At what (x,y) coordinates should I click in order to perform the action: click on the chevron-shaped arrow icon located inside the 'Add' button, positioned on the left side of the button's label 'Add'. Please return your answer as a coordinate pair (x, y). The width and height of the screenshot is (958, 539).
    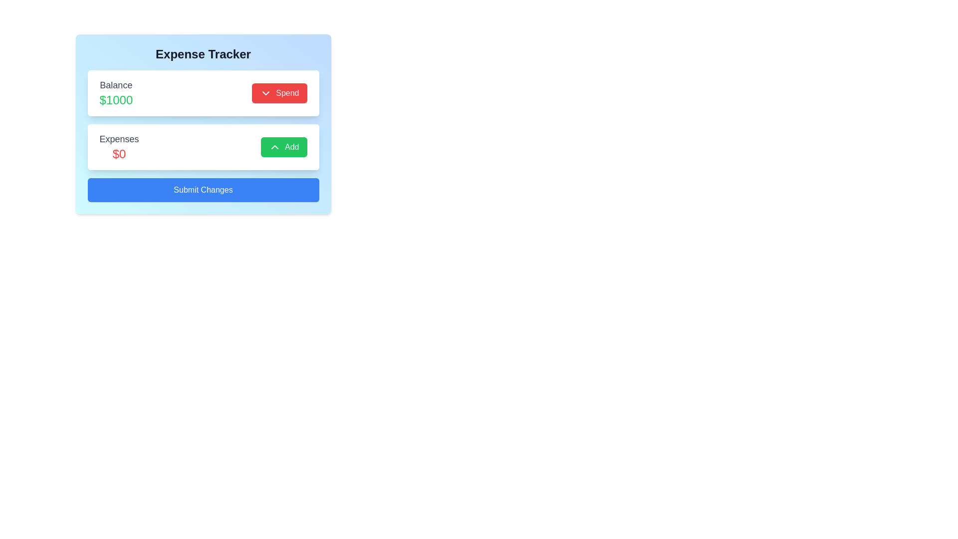
    Looking at the image, I should click on (275, 147).